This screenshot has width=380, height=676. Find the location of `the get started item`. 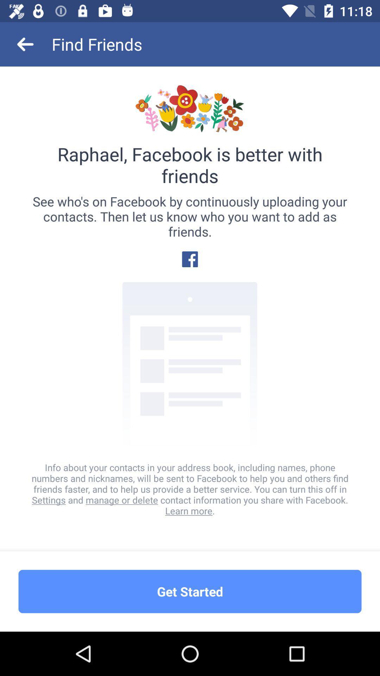

the get started item is located at coordinates (190, 591).